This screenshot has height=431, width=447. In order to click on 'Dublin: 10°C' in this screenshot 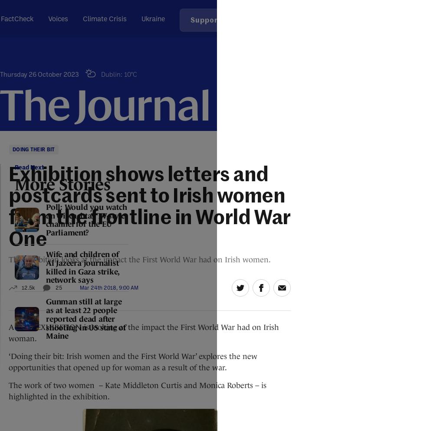, I will do `click(118, 74)`.